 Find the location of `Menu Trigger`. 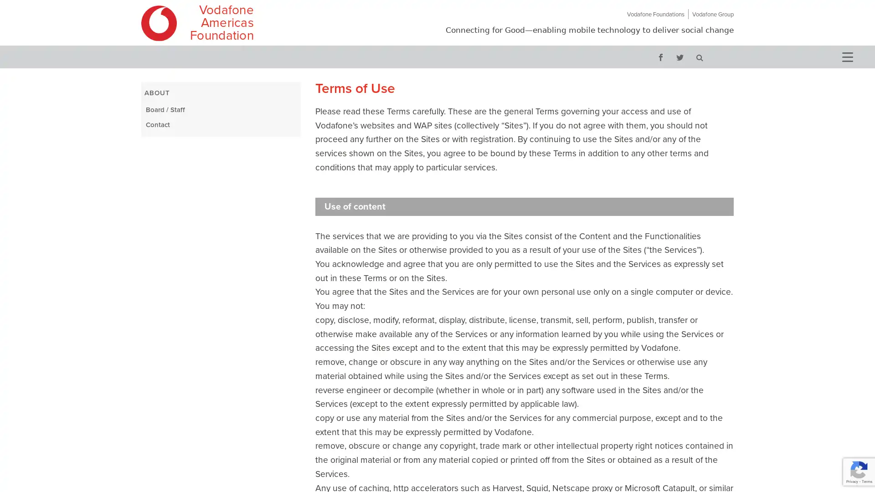

Menu Trigger is located at coordinates (846, 56).